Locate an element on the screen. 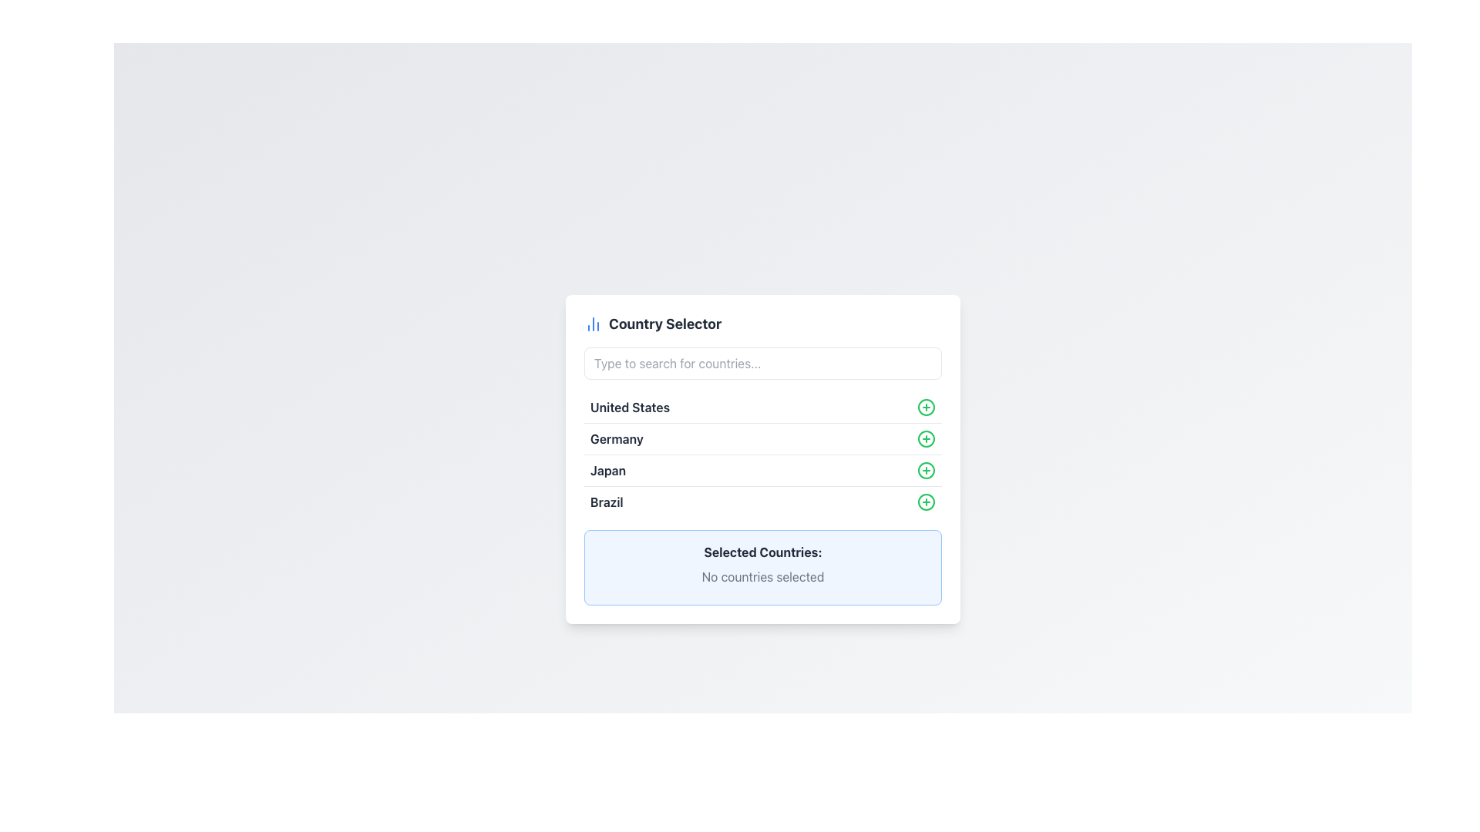 The height and width of the screenshot is (832, 1480). the central circular shape in the 'plus' icon next to the 'Japan' entry in the list is located at coordinates (925, 468).